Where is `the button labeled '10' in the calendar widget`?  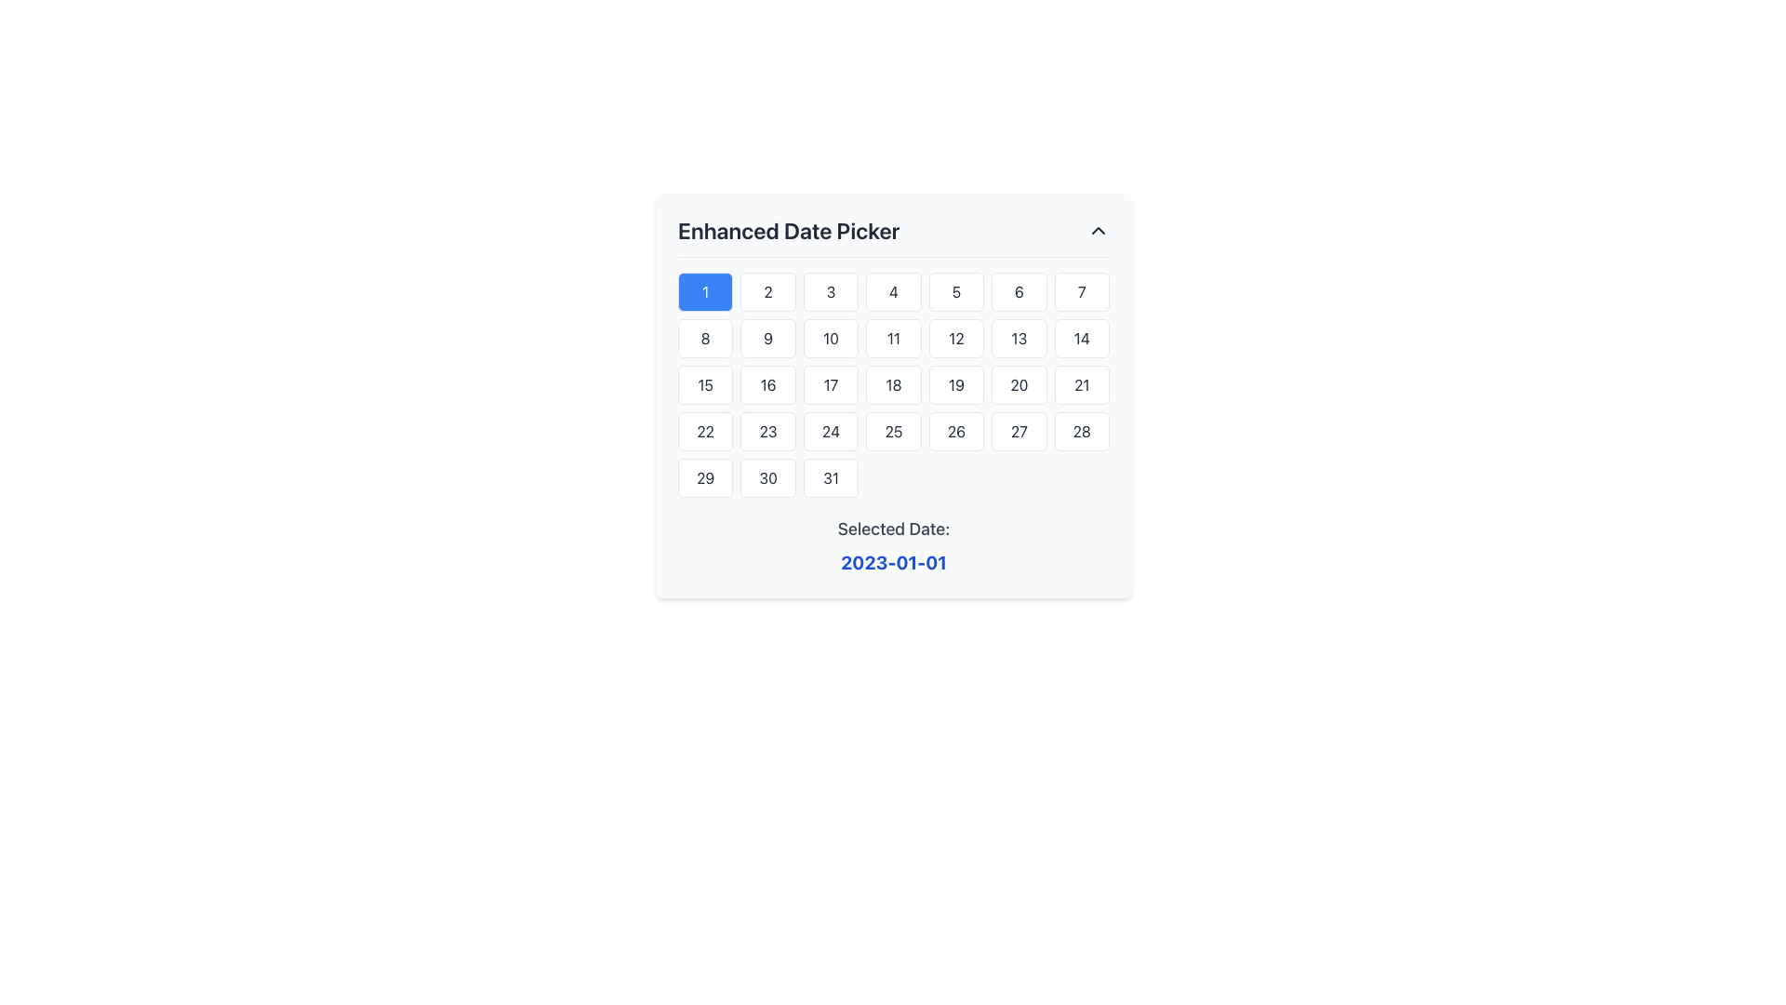 the button labeled '10' in the calendar widget is located at coordinates (830, 338).